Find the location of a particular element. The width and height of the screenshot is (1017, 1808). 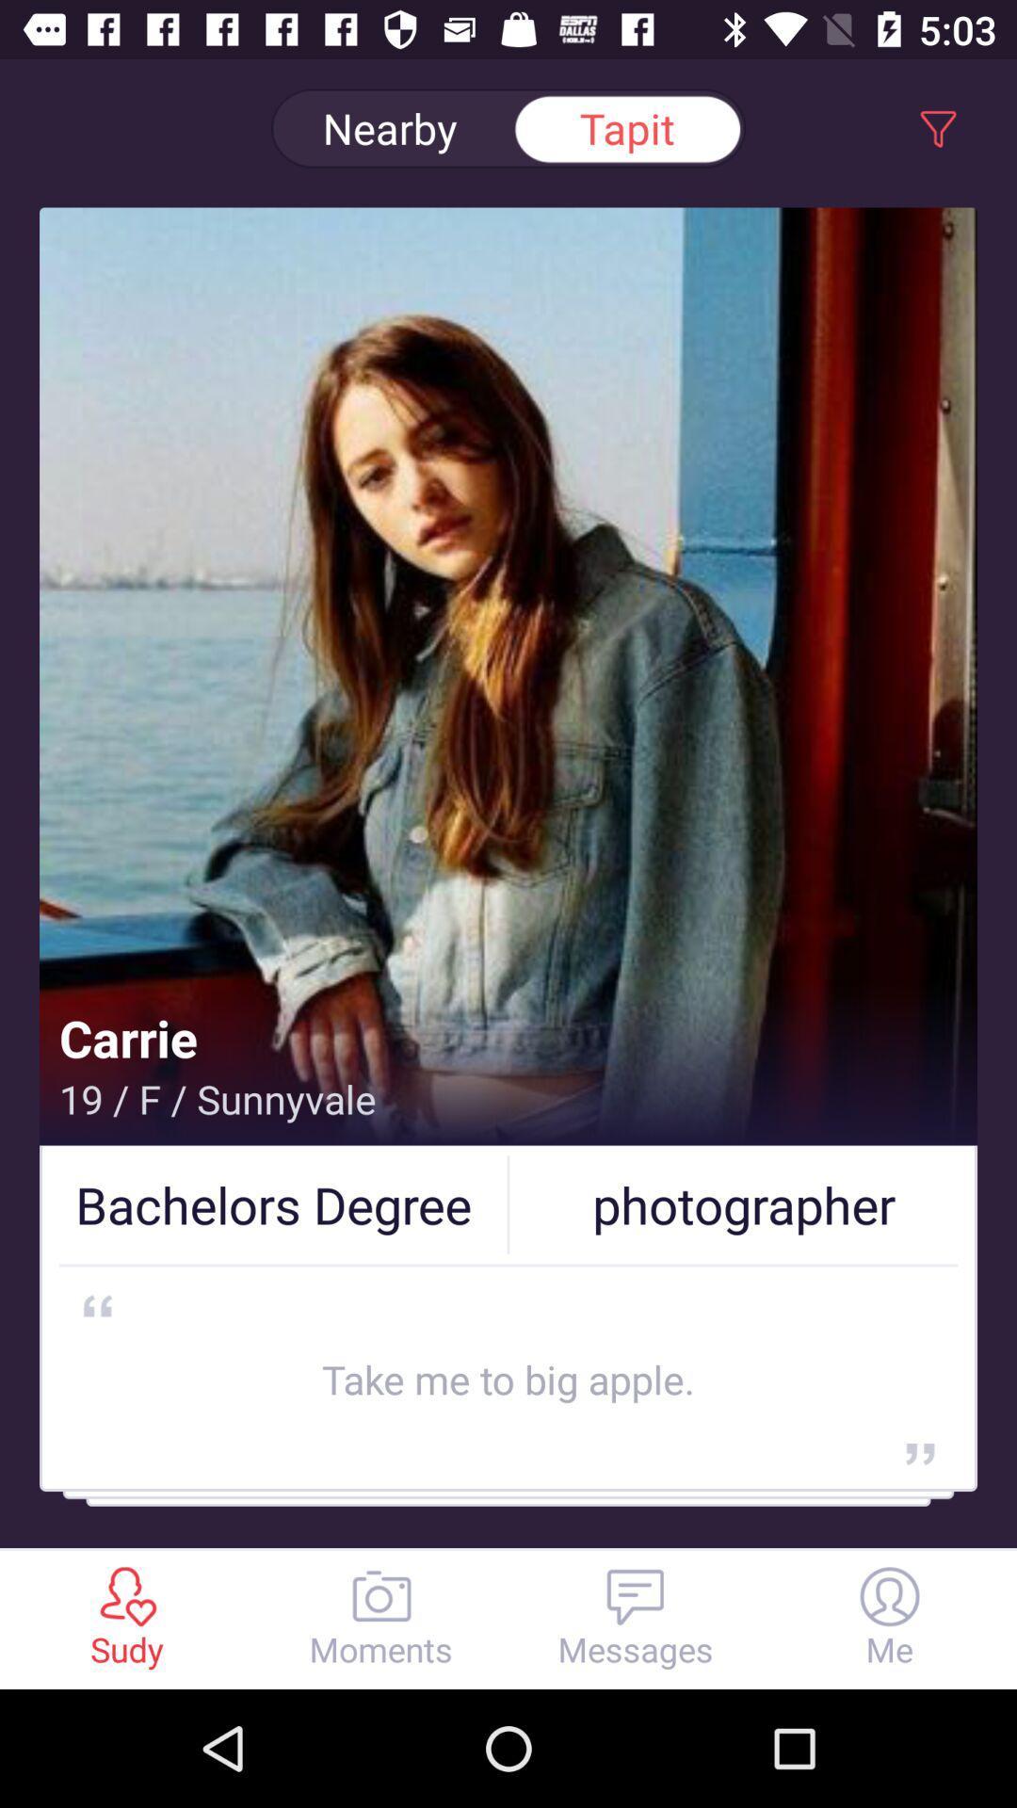

the study icon which is on the left side at the bottom of the page is located at coordinates (127, 1595).